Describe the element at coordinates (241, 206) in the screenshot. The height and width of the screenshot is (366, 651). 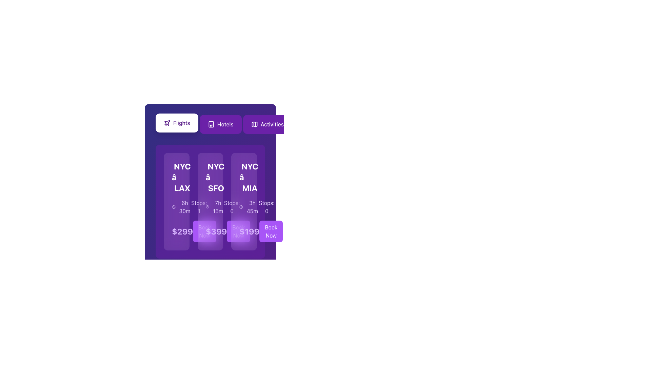
I see `the circular clock face icon located on the left side of the third column in the group of itinerary cards` at that location.